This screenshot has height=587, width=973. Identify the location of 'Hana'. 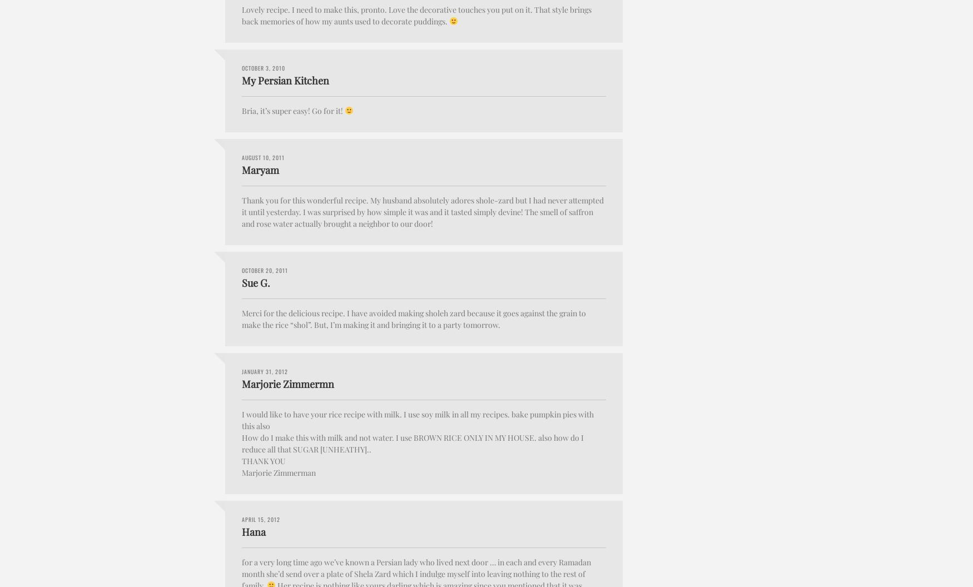
(254, 531).